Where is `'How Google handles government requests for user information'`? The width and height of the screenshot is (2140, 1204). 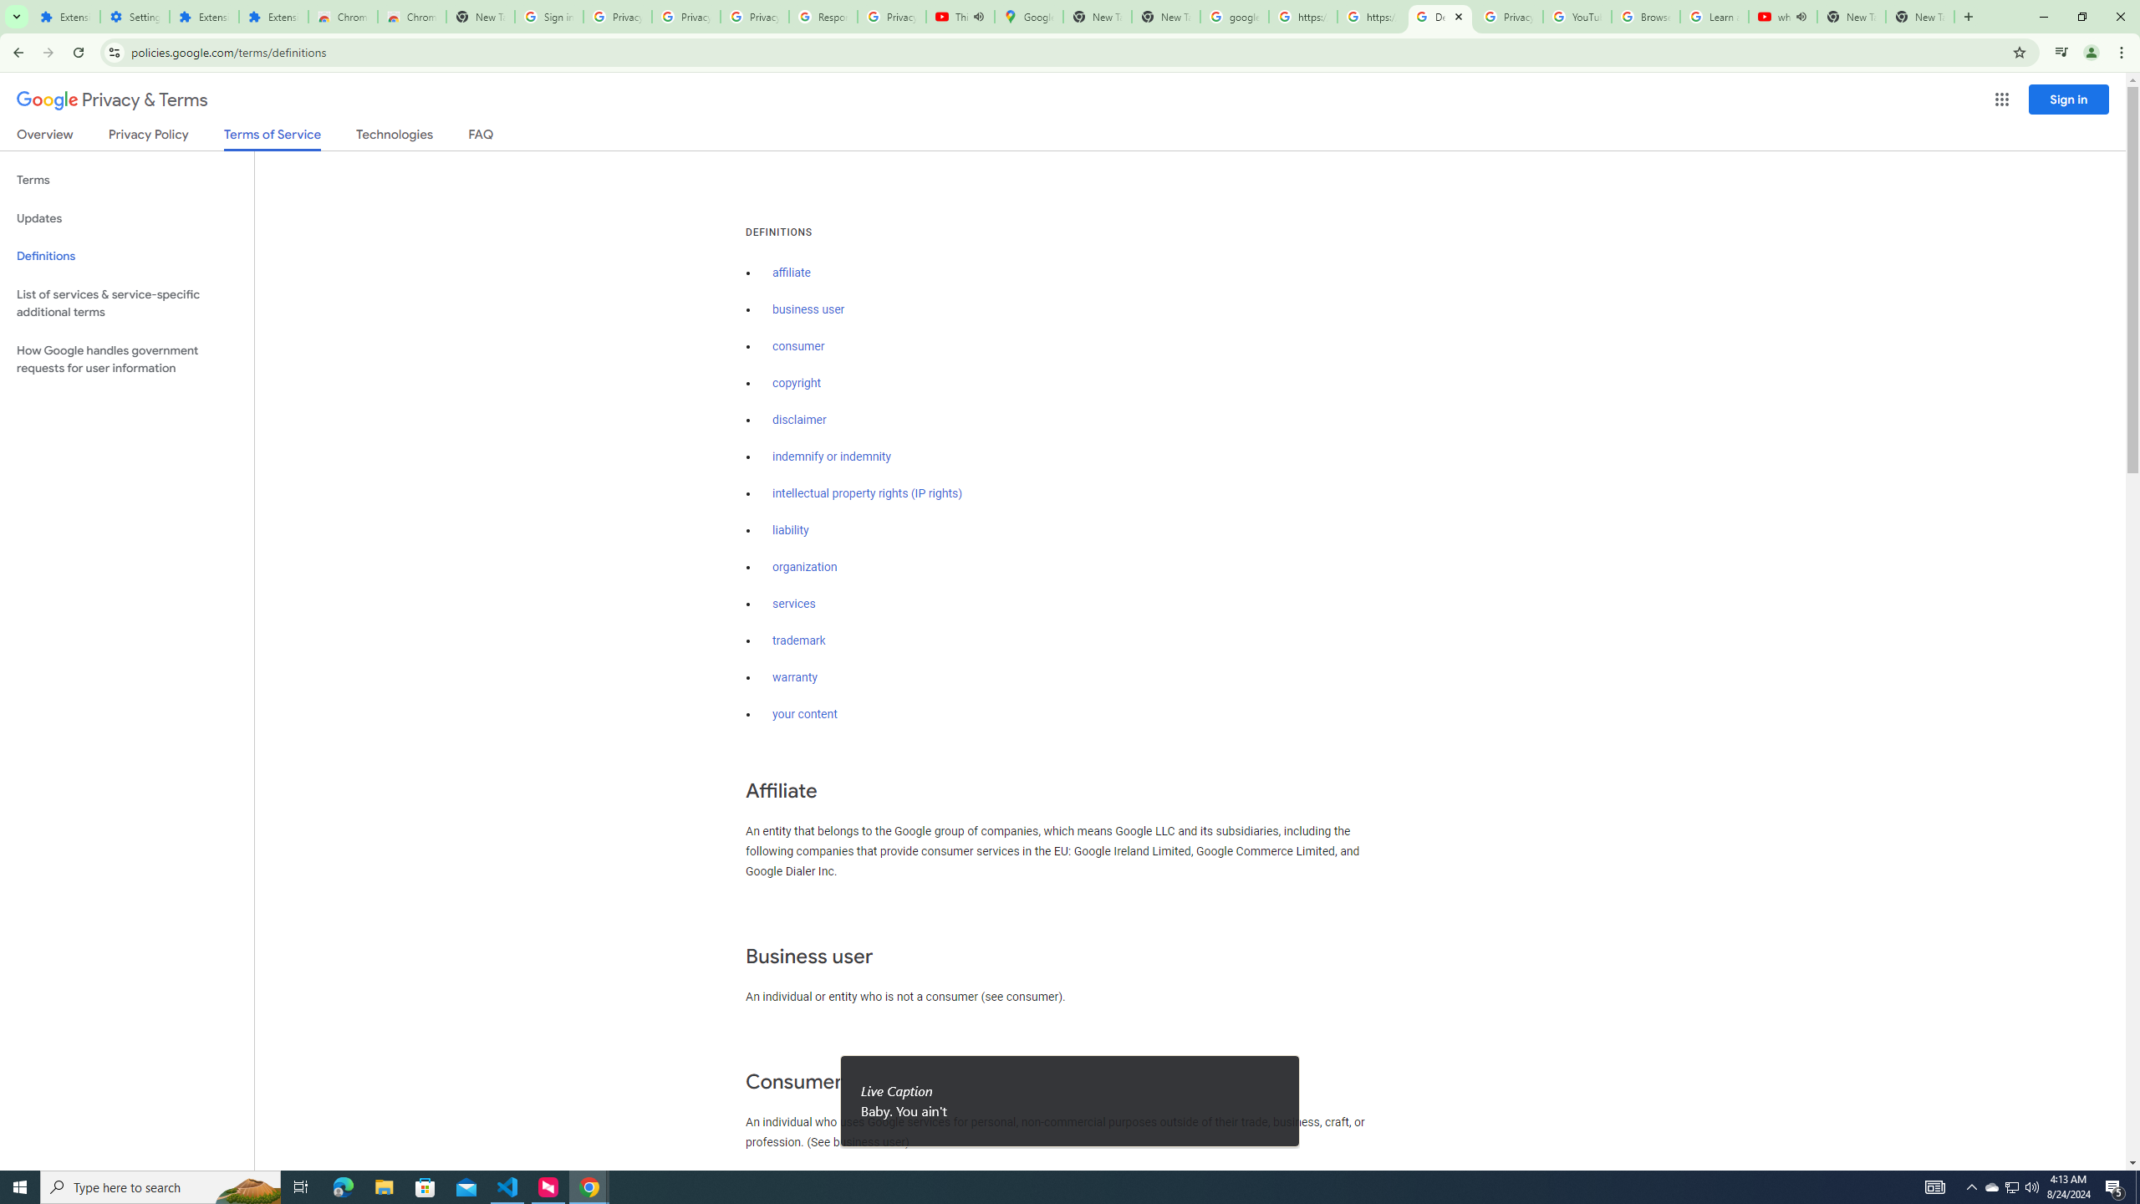 'How Google handles government requests for user information' is located at coordinates (126, 358).